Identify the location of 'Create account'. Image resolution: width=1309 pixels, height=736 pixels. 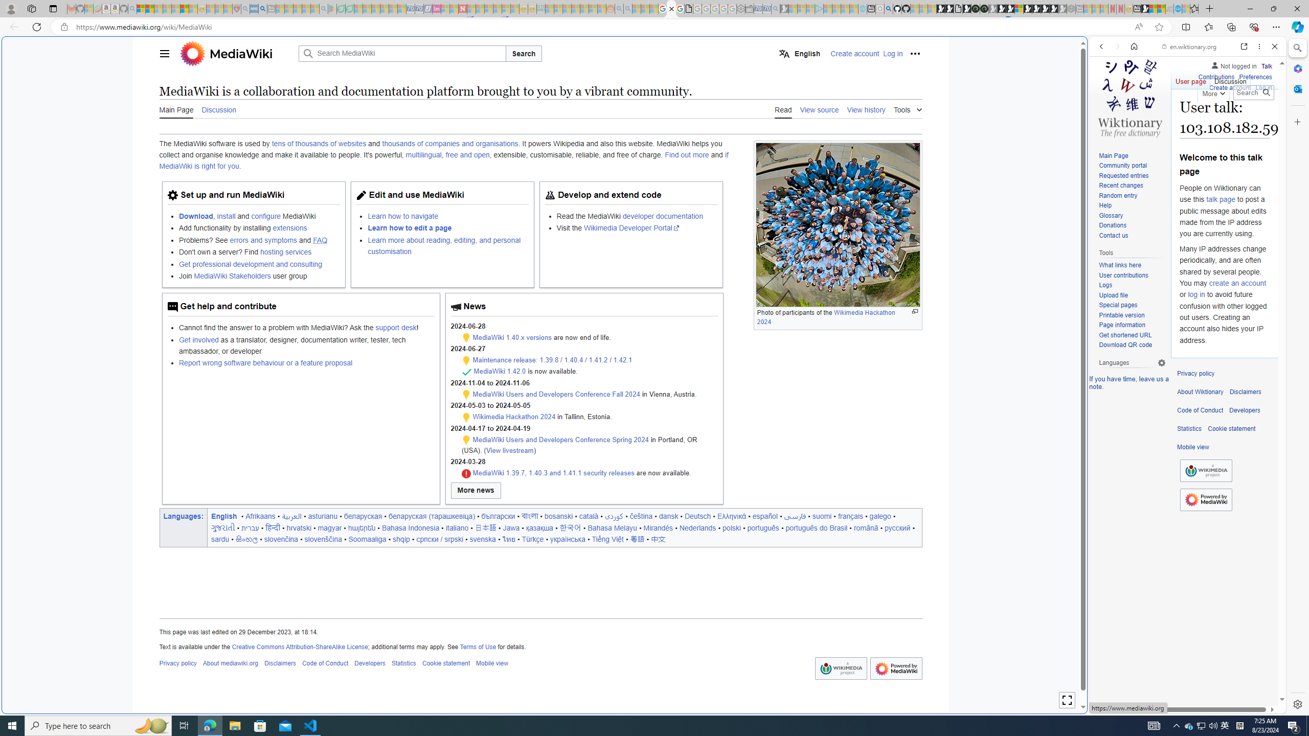
(1230, 86).